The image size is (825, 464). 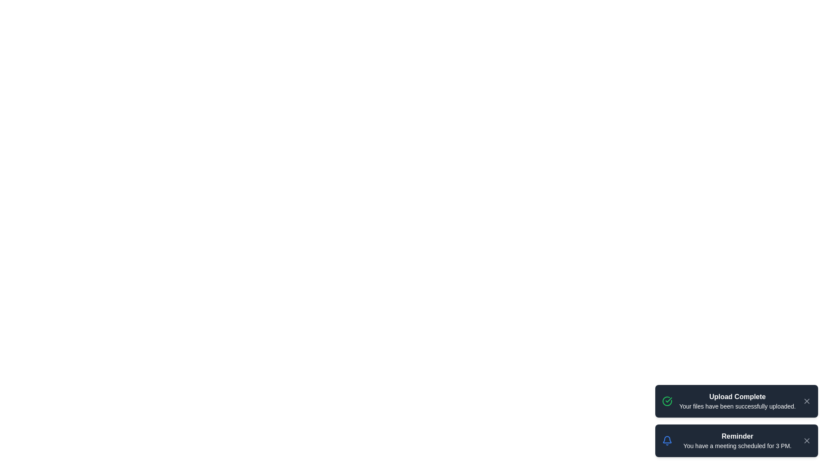 I want to click on the close button of the notification with title 'Reminder', so click(x=806, y=441).